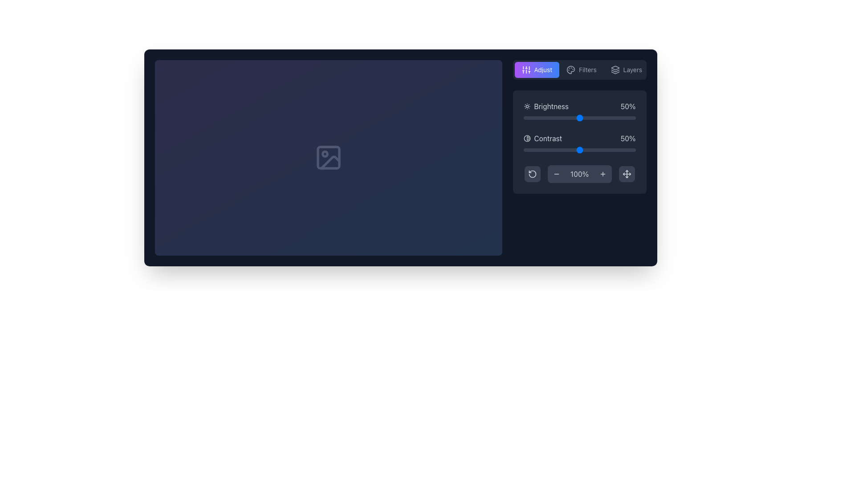  I want to click on the small gray plus sign icon located near the bottom-right side of the settings panel, so click(603, 174).